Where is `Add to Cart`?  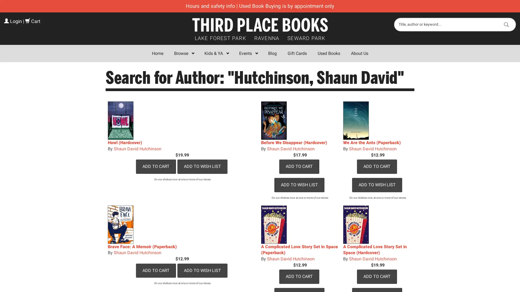 Add to Cart is located at coordinates (377, 166).